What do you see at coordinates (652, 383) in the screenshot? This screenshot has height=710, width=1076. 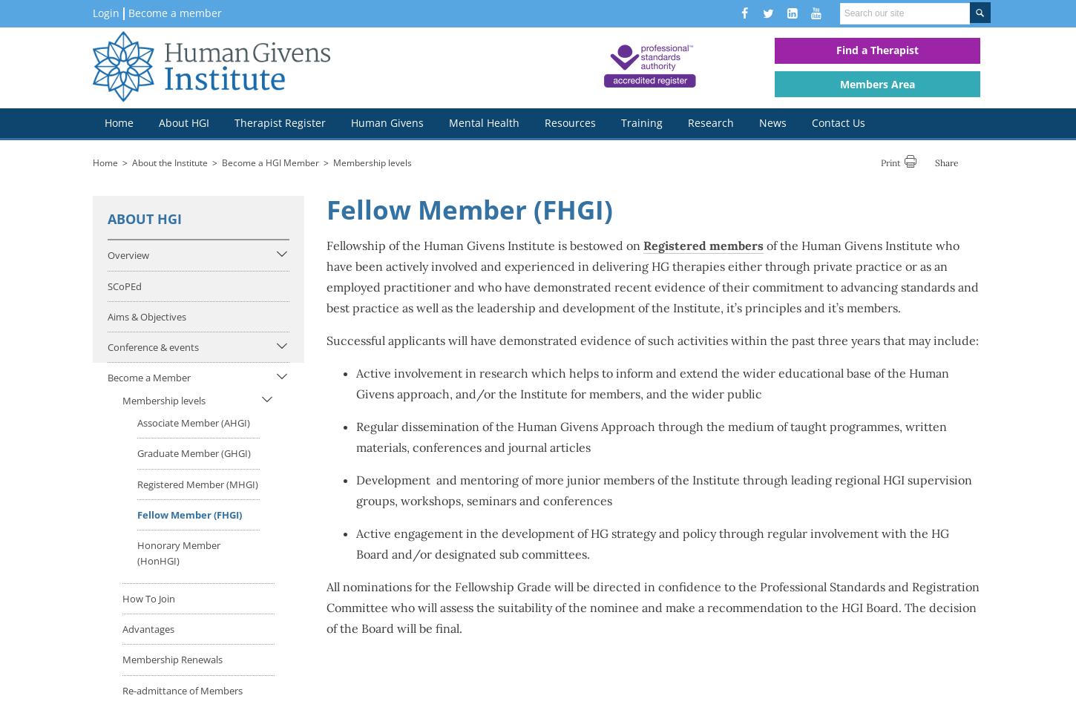 I see `'Active involvement in research which helps to inform and extend the wider educational base of the Human Givens approach, and/or the Institute for members, and the wider public'` at bounding box center [652, 383].